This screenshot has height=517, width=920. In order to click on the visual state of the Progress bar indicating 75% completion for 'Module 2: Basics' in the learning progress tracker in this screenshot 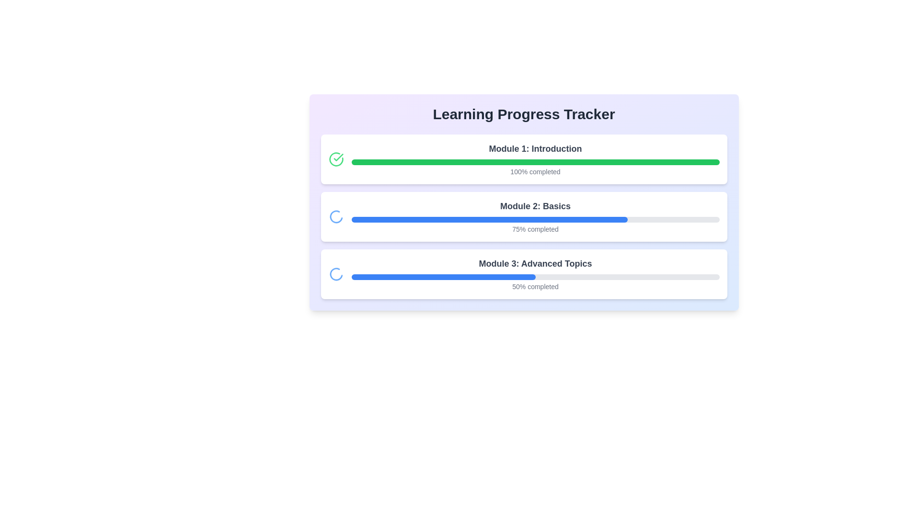, I will do `click(489, 220)`.